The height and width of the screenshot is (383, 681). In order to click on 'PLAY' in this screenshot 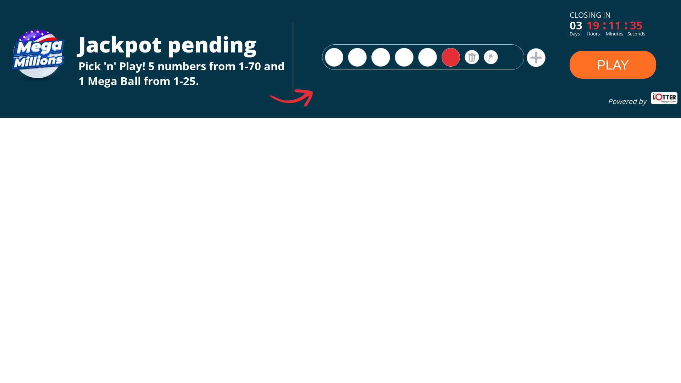, I will do `click(613, 65)`.